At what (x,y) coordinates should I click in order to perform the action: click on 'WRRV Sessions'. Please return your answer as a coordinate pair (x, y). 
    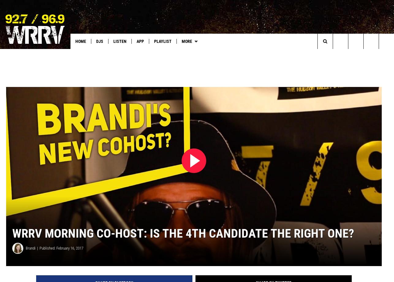
    Looking at the image, I should click on (181, 54).